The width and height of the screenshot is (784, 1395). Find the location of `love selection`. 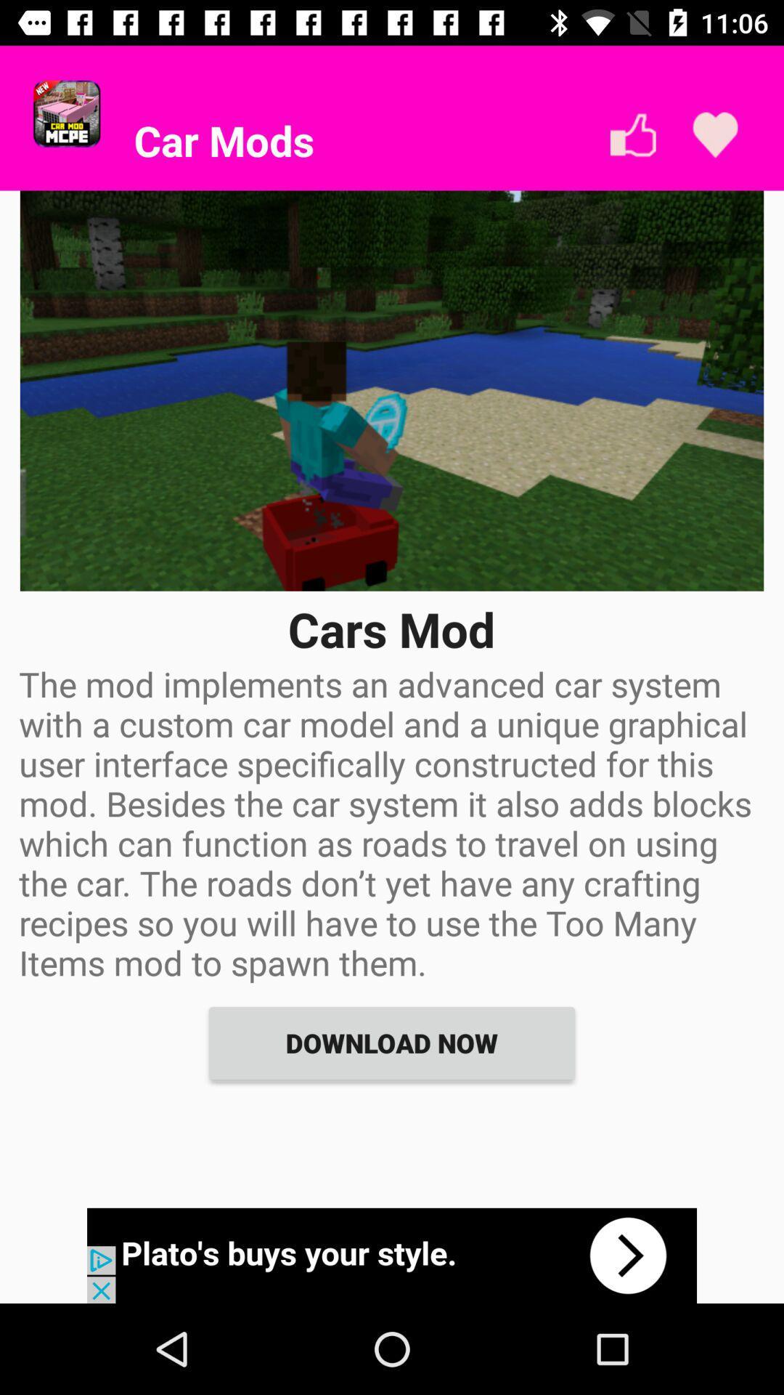

love selection is located at coordinates (714, 135).